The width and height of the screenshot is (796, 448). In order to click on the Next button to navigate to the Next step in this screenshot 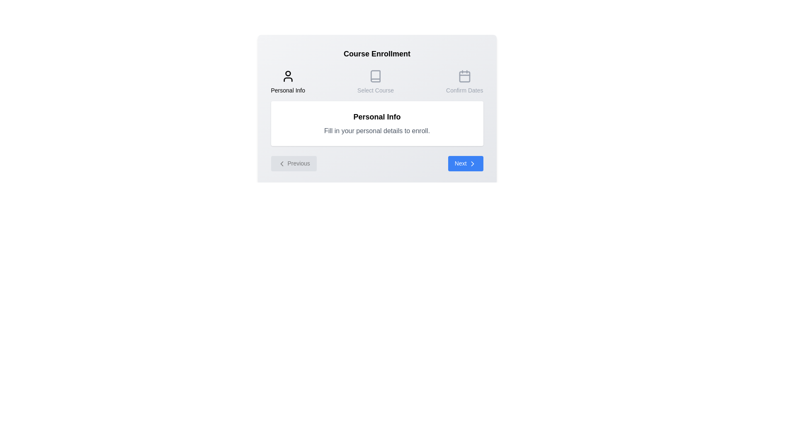, I will do `click(466, 163)`.